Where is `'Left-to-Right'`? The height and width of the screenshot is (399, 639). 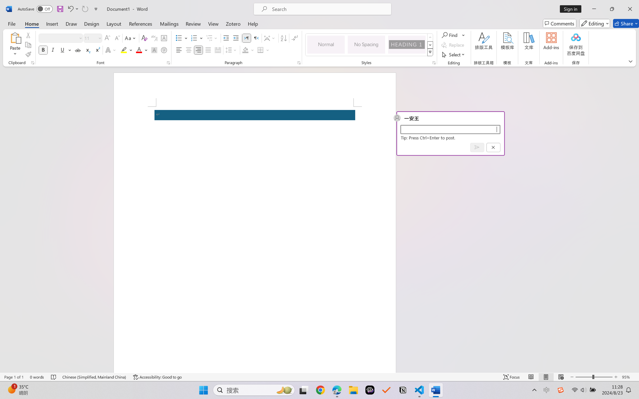
'Left-to-Right' is located at coordinates (246, 38).